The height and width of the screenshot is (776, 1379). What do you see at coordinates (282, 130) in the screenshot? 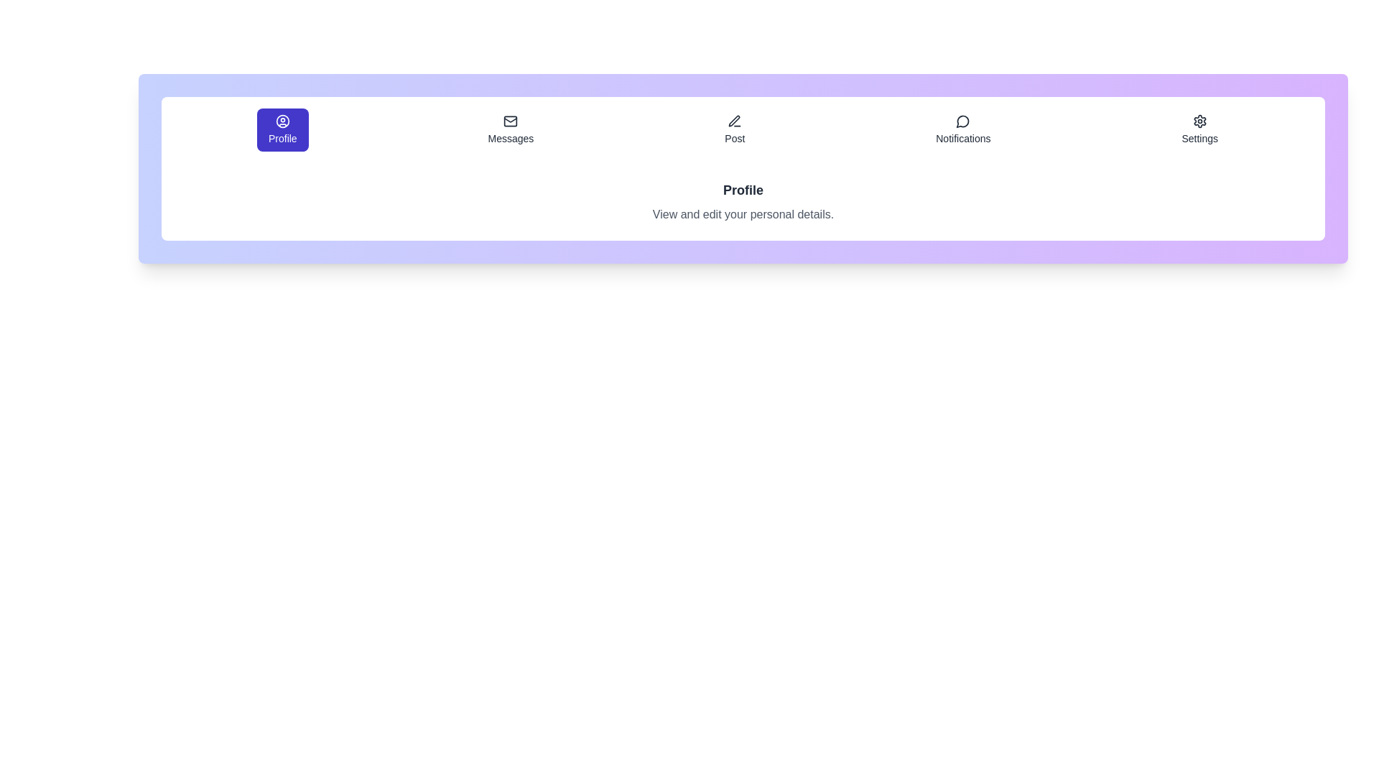
I see `the Profile tab by clicking on its button` at bounding box center [282, 130].